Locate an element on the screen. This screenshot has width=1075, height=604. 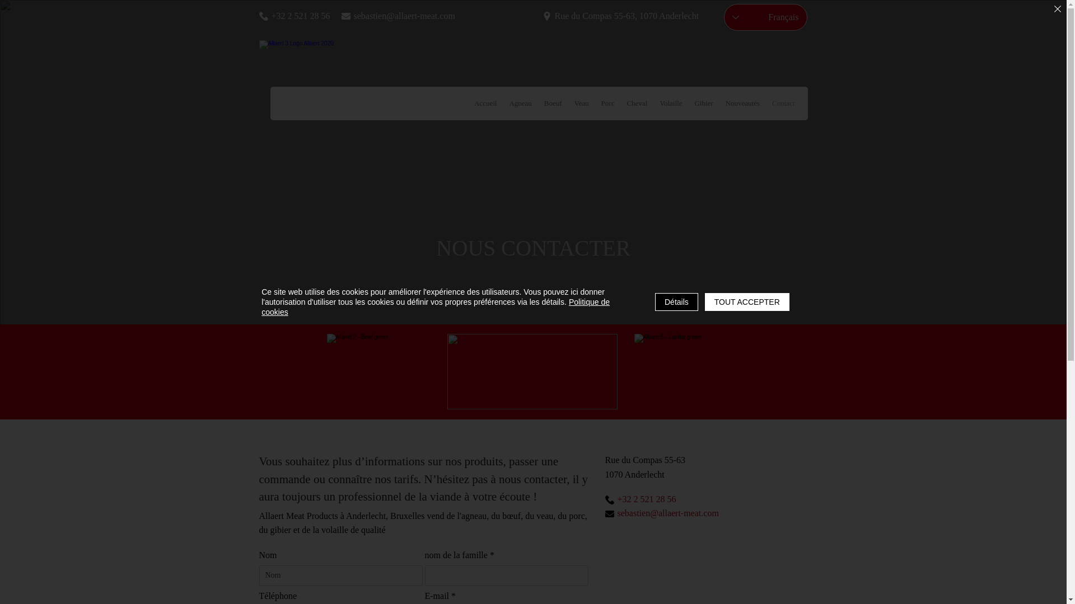
'+32 2 521 28 56' is located at coordinates (300, 16).